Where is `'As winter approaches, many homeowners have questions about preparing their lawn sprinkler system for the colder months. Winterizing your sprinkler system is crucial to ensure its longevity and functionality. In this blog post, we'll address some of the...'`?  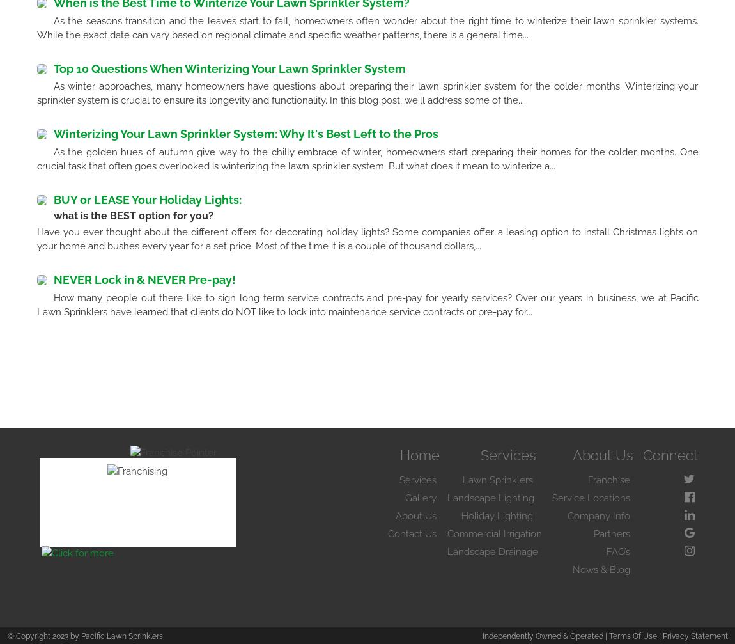 'As winter approaches, many homeowners have questions about preparing their lawn sprinkler system for the colder months. Winterizing your sprinkler system is crucial to ensure its longevity and functionality. In this blog post, we'll address some of the...' is located at coordinates (367, 93).